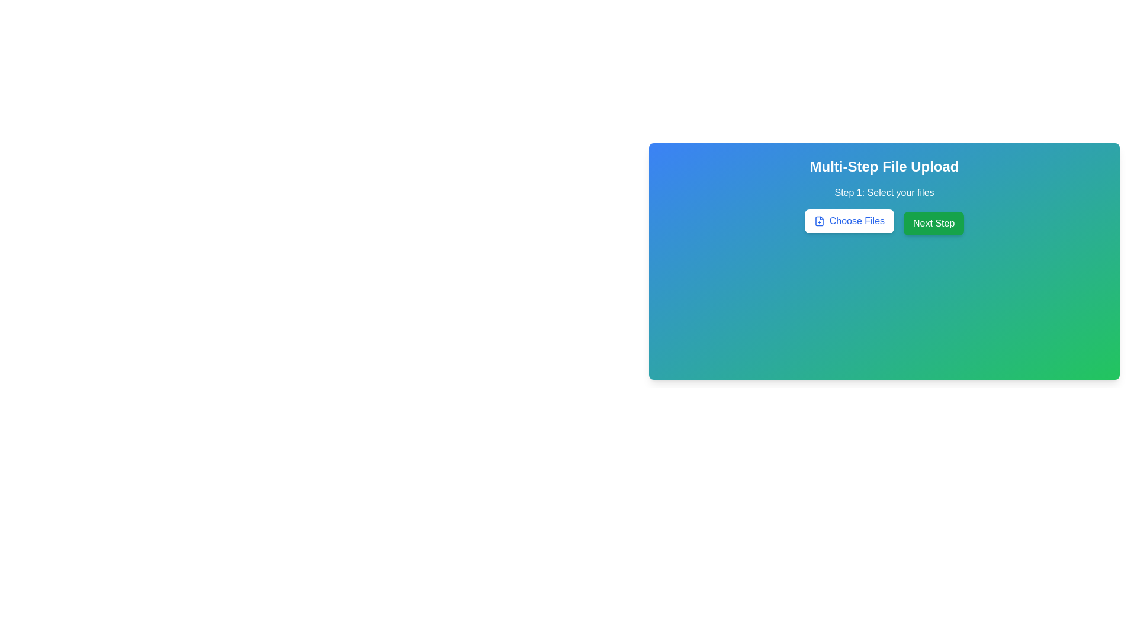 Image resolution: width=1137 pixels, height=639 pixels. I want to click on the text label that serves as a step indicator for selecting files in the multi-step process, located above the 'Choose Files' and 'Next Step' buttons, so click(884, 192).